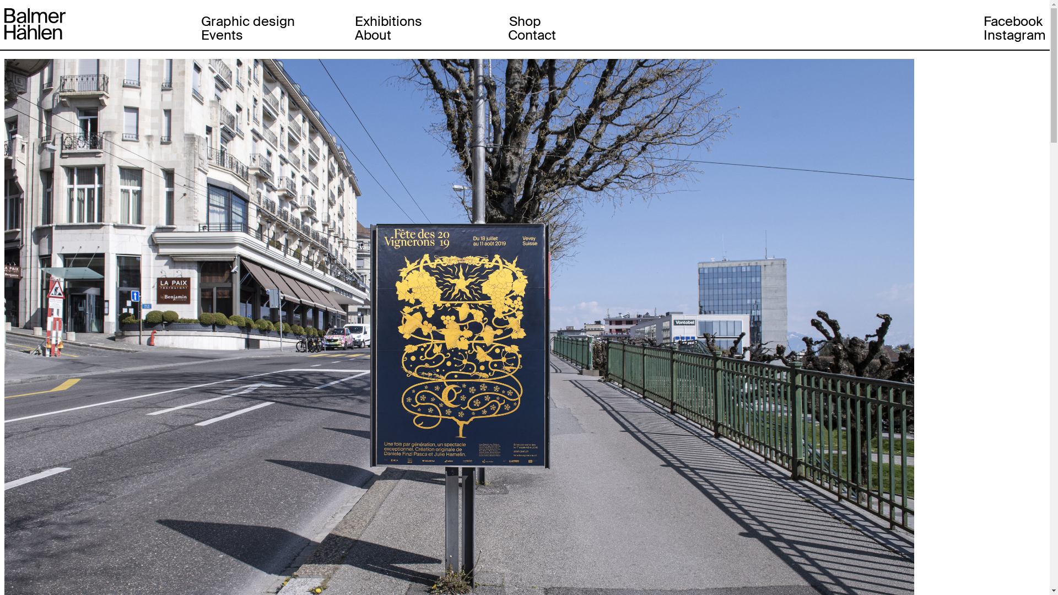  Describe the element at coordinates (222, 34) in the screenshot. I see `'Events'` at that location.